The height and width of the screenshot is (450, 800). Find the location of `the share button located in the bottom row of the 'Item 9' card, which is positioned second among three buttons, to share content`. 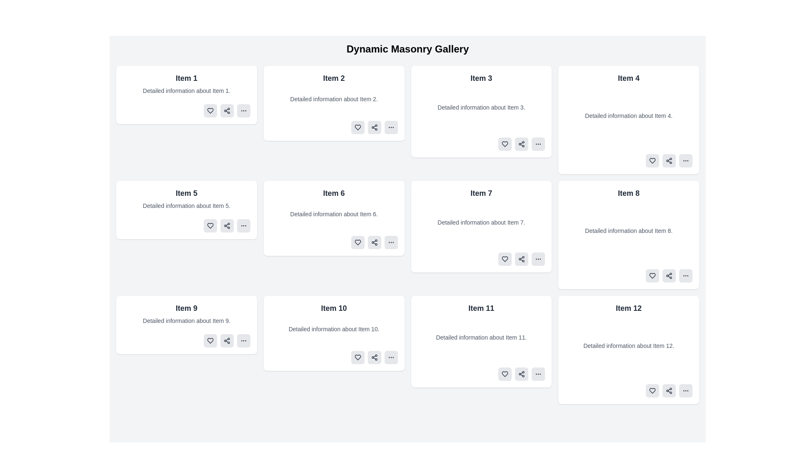

the share button located in the bottom row of the 'Item 9' card, which is positioned second among three buttons, to share content is located at coordinates (227, 340).